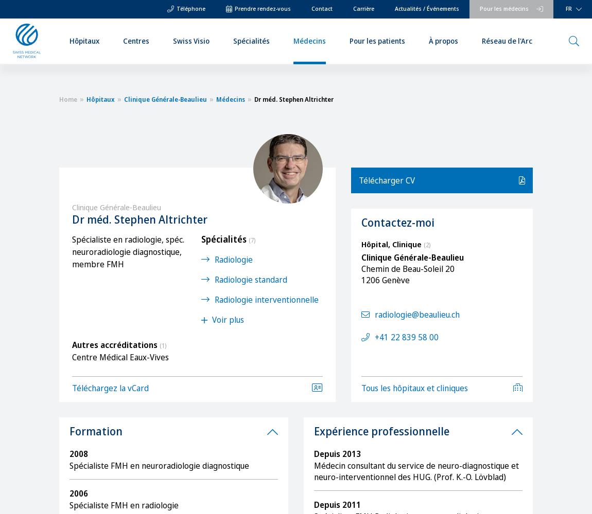  Describe the element at coordinates (569, 8) in the screenshot. I see `'FR'` at that location.